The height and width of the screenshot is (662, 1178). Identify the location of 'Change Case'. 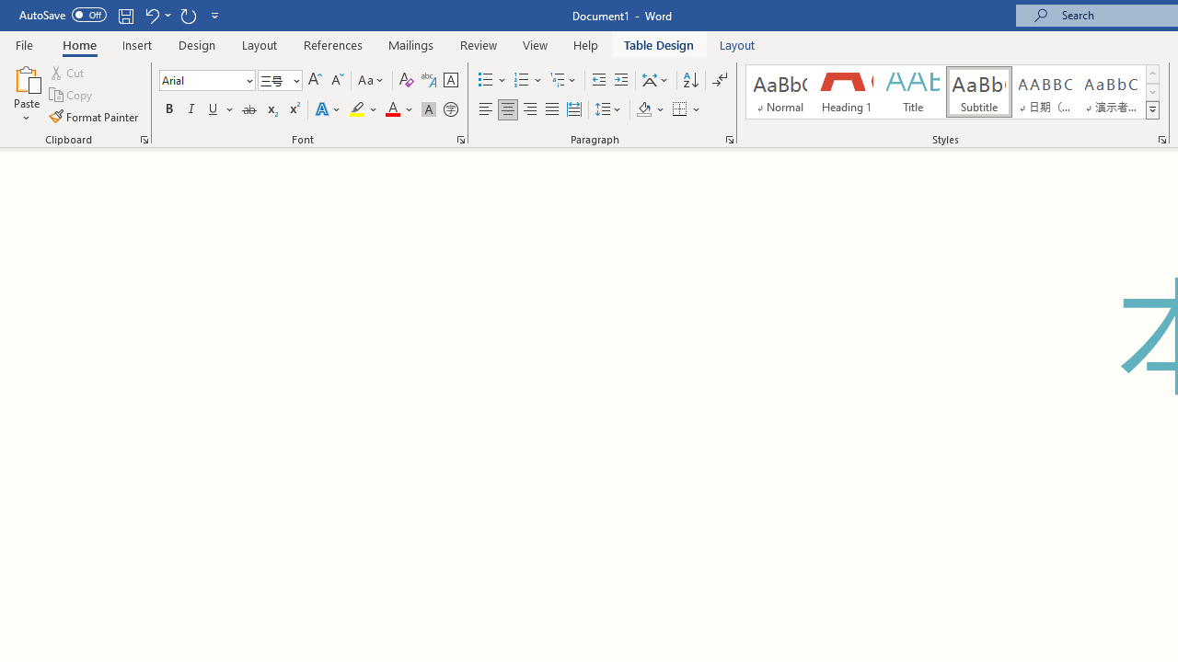
(371, 79).